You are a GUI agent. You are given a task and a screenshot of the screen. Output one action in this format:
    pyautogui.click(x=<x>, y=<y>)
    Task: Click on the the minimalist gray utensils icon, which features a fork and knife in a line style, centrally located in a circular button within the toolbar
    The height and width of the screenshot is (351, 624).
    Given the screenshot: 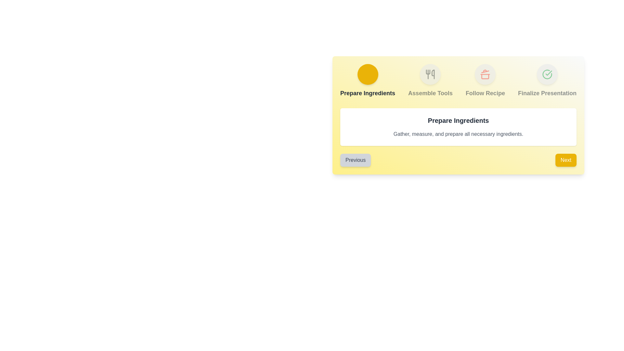 What is the action you would take?
    pyautogui.click(x=430, y=74)
    